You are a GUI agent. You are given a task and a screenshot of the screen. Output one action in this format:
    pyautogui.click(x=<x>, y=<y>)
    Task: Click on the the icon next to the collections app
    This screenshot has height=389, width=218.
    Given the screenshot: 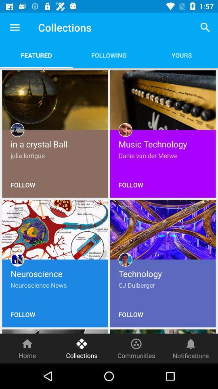 What is the action you would take?
    pyautogui.click(x=15, y=28)
    